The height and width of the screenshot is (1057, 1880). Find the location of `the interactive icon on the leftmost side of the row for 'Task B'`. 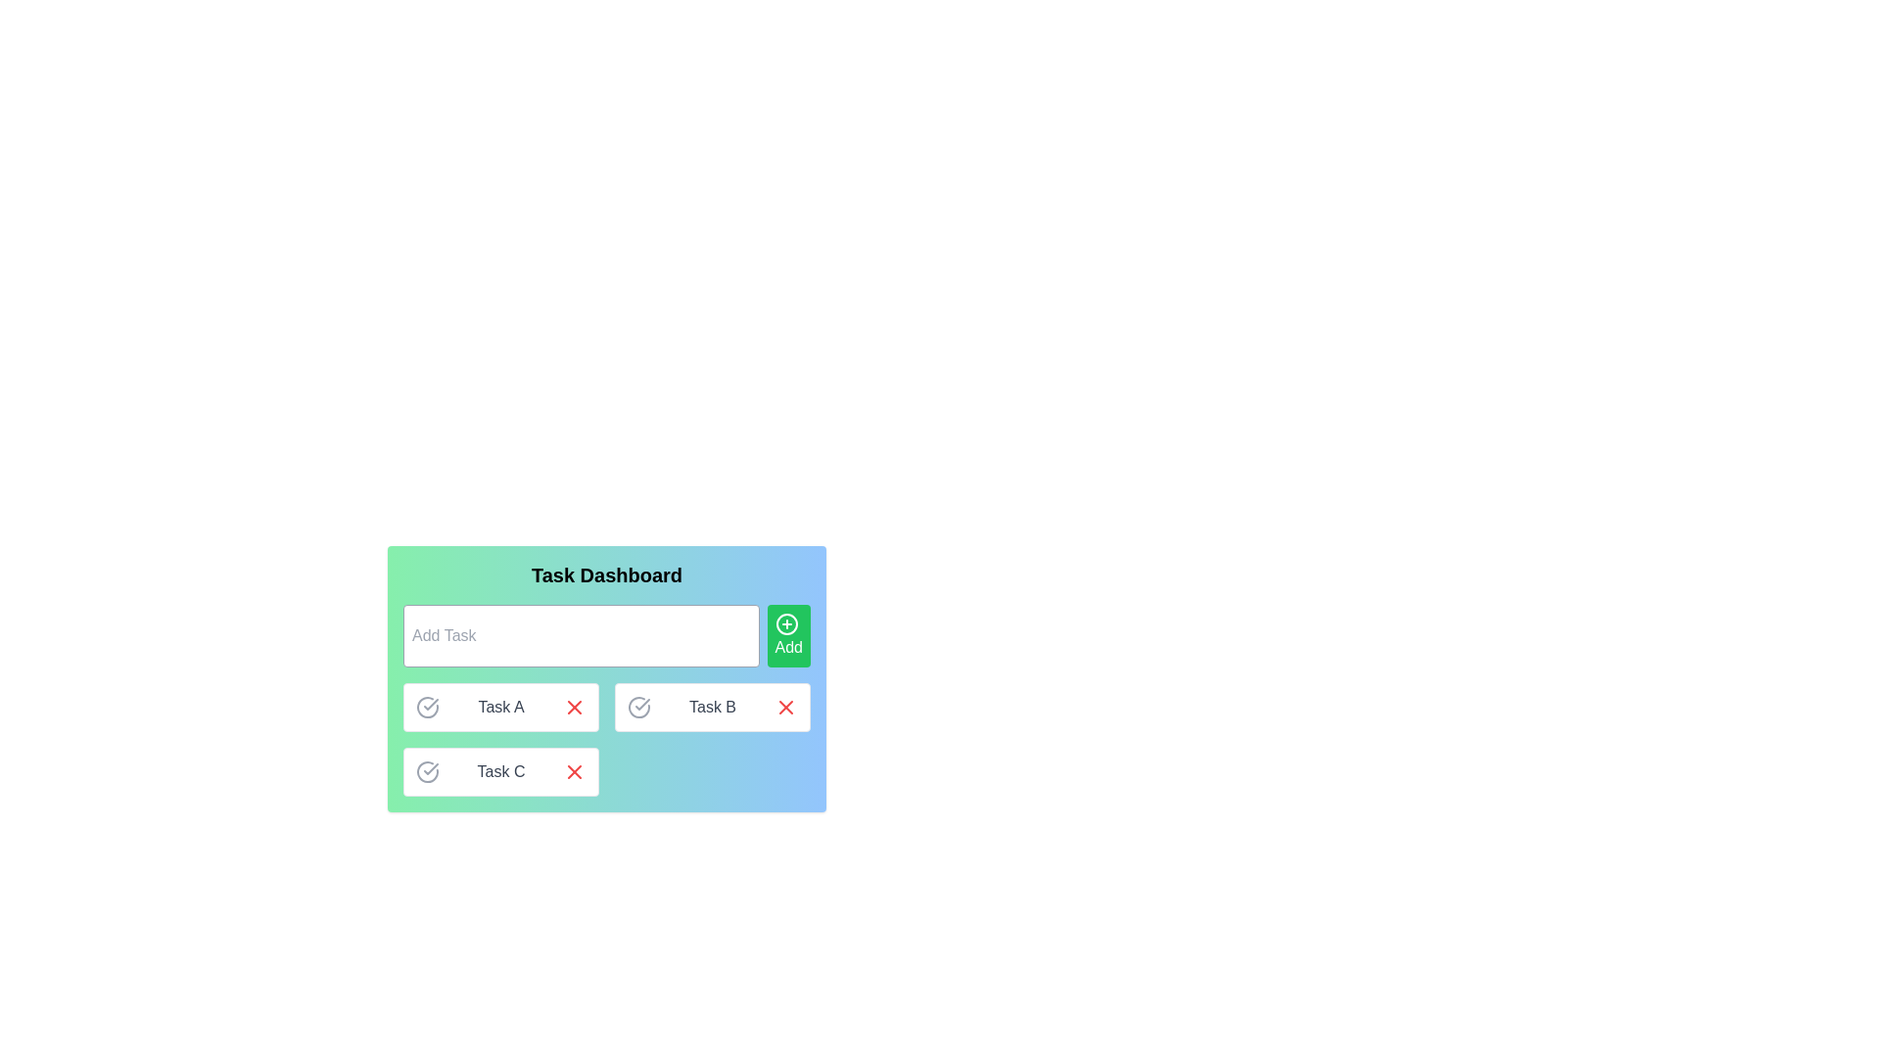

the interactive icon on the leftmost side of the row for 'Task B' is located at coordinates (638, 707).